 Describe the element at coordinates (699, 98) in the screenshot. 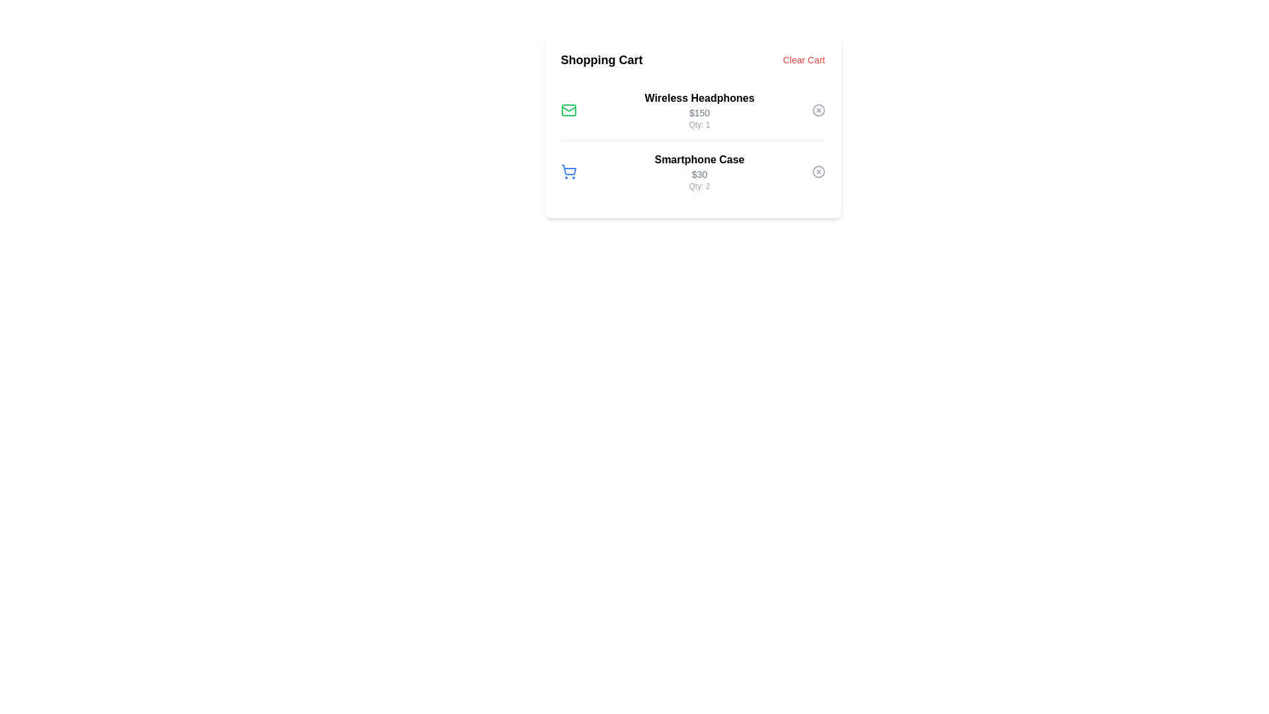

I see `static text label displaying the name of the product in the cart, which is the primary text component of the first listed cart item` at that location.